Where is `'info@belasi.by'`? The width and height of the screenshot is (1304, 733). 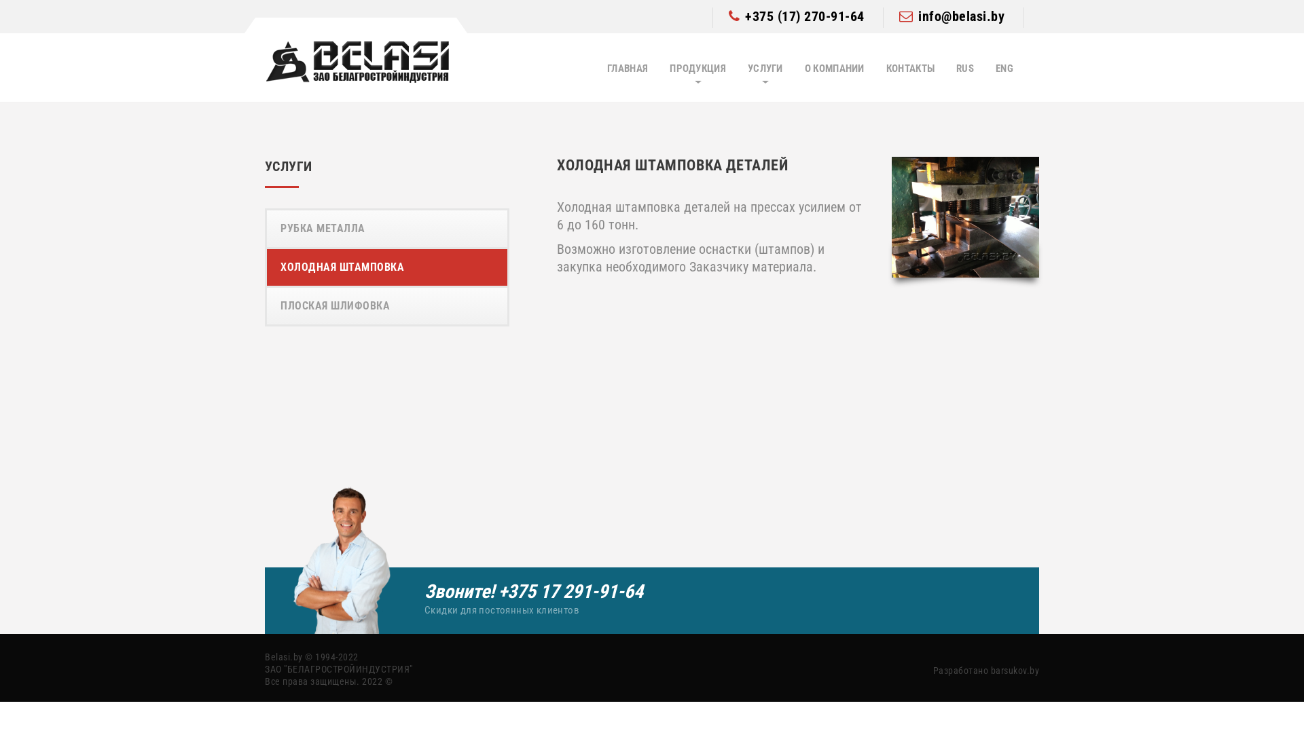 'info@belasi.by' is located at coordinates (899, 16).